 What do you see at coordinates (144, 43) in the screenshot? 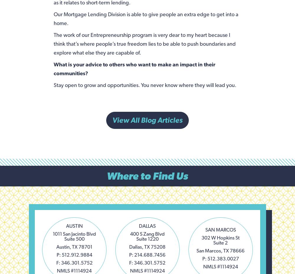
I see `'The work of our Entrepreneurship program is very dear to my heart because I think that’s where people’s true freedom lies to be able to push boundaries and explore what else they are capable of.'` at bounding box center [144, 43].